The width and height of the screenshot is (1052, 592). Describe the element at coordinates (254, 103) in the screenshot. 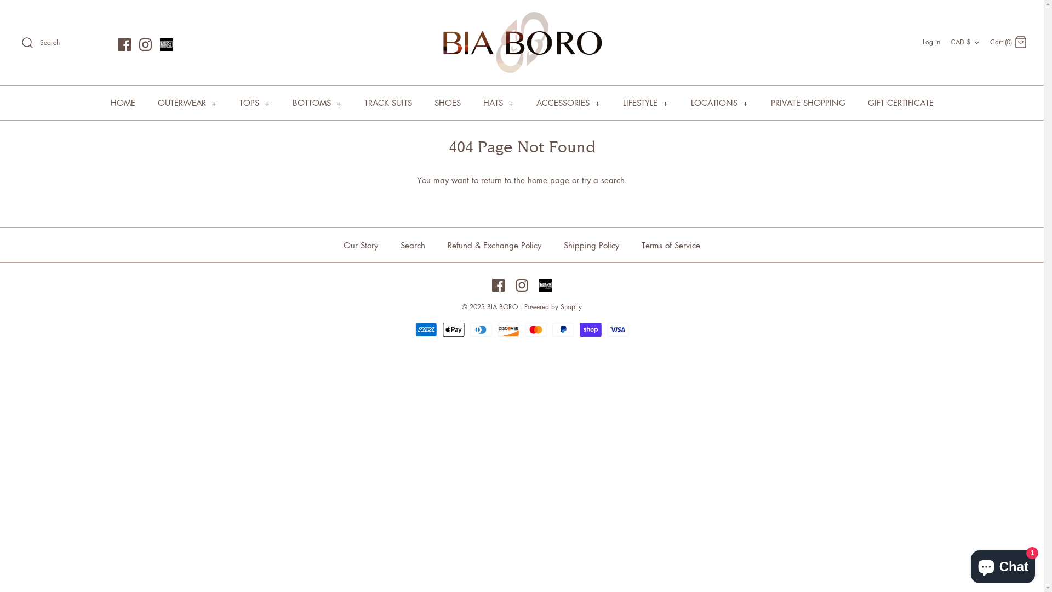

I see `'TOPS +'` at that location.